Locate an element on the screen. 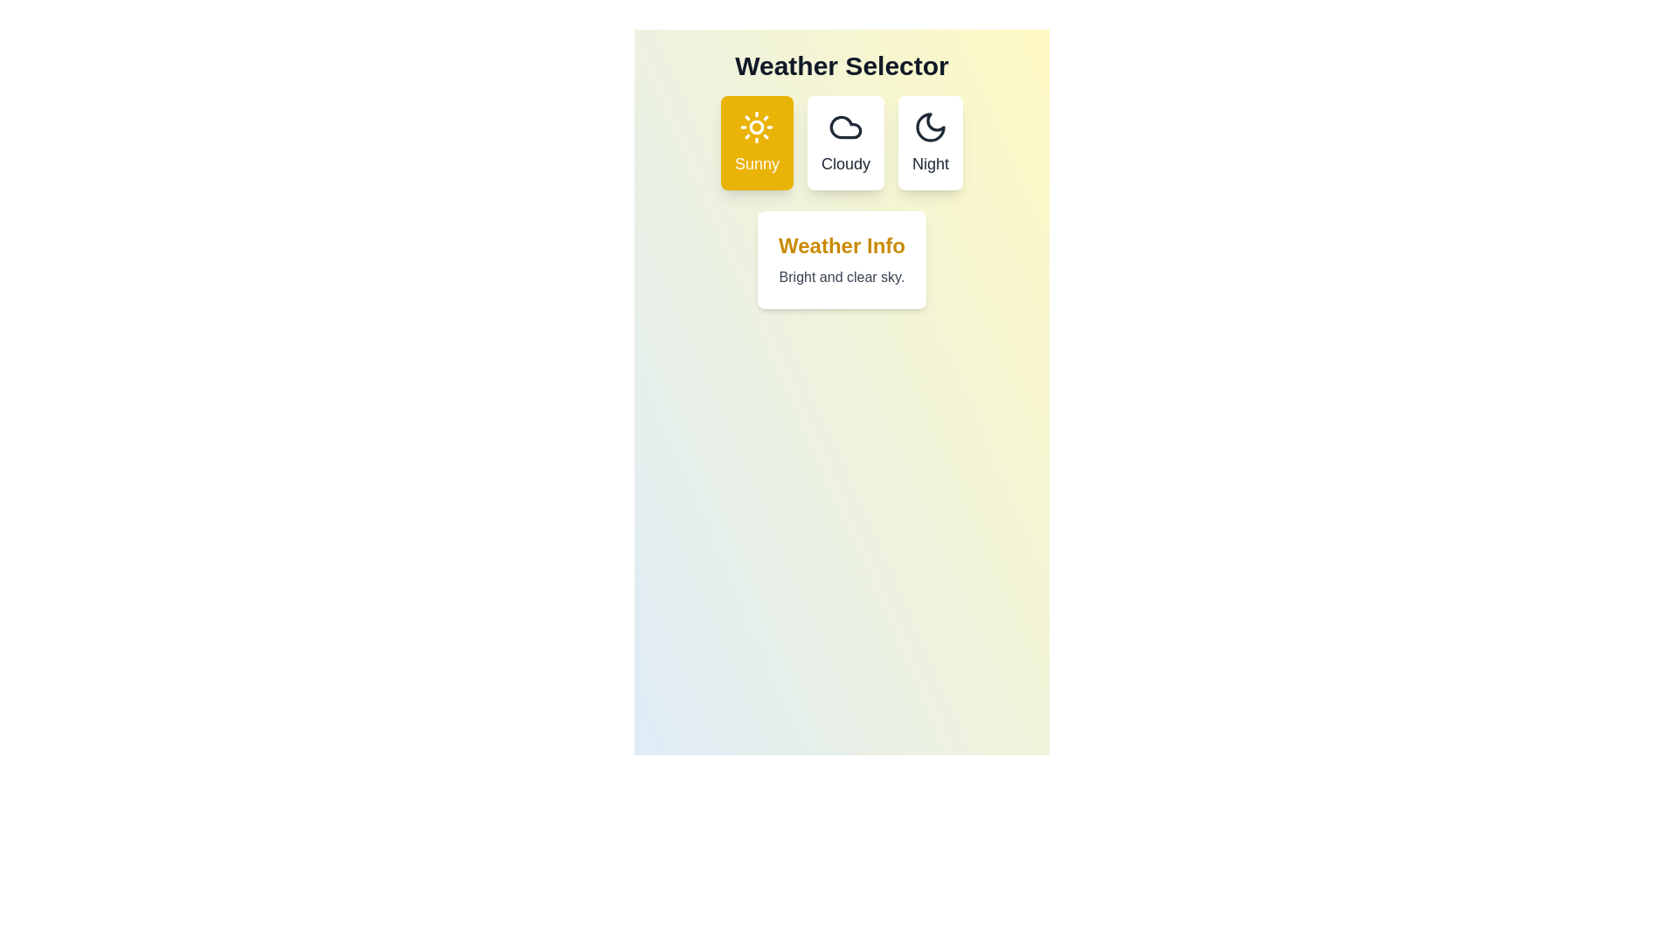 Image resolution: width=1678 pixels, height=943 pixels. the weather button corresponding to Cloudy to observe the animation effect is located at coordinates (846, 142).